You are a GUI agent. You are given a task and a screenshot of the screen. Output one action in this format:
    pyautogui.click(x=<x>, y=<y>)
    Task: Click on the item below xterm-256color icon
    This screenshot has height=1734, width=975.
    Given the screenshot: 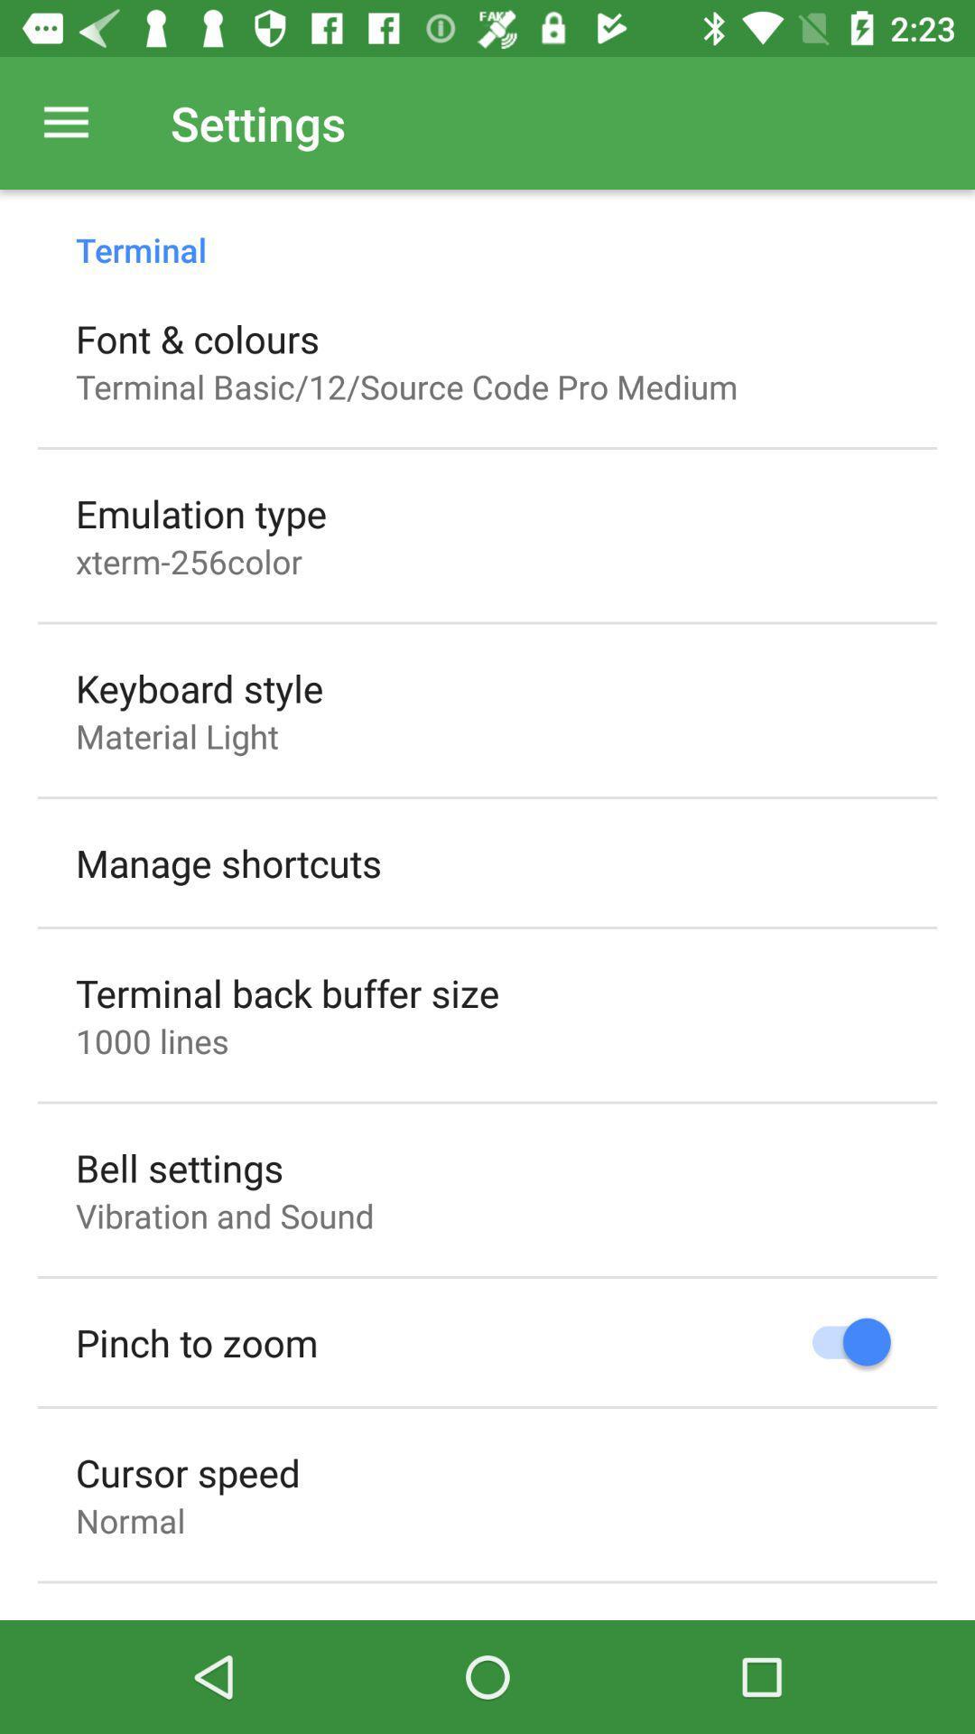 What is the action you would take?
    pyautogui.click(x=200, y=687)
    